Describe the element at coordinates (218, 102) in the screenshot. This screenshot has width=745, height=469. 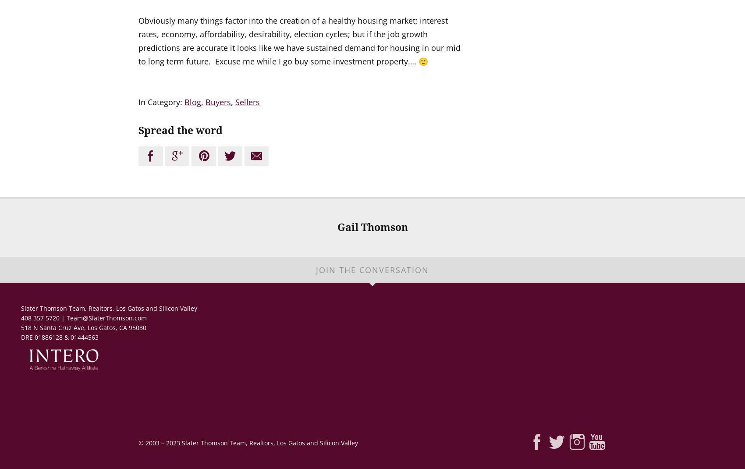
I see `'Buyers'` at that location.